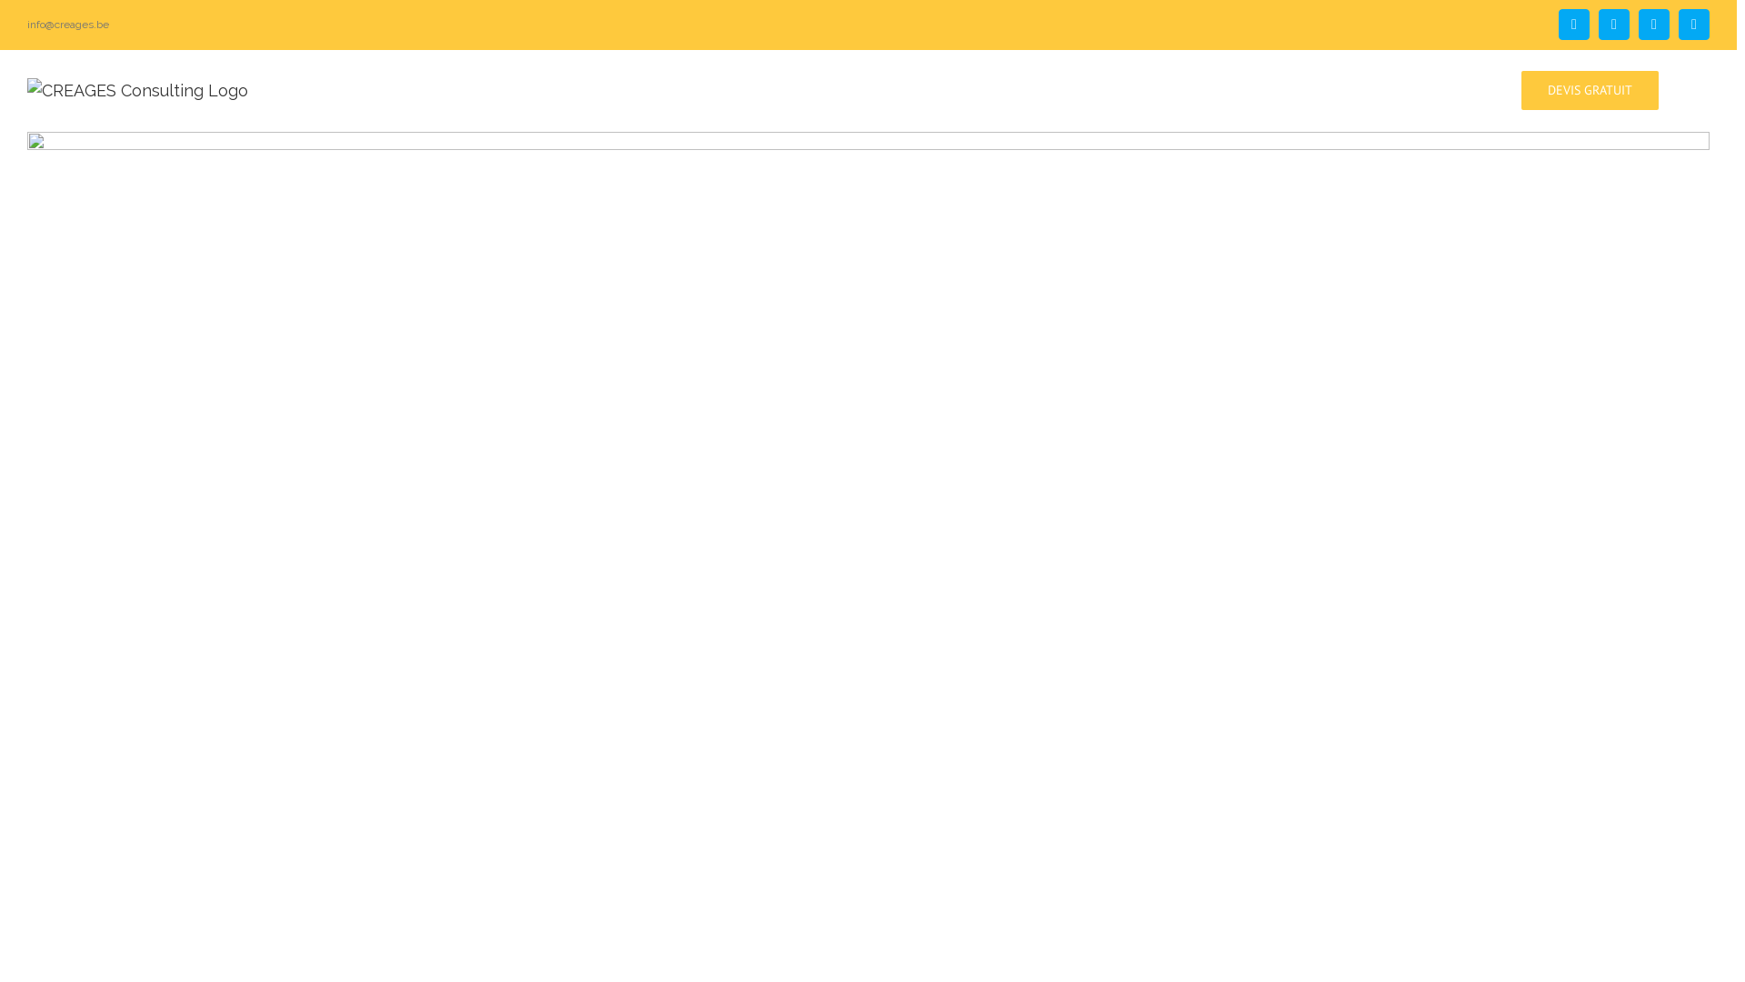 Image resolution: width=1745 pixels, height=982 pixels. What do you see at coordinates (843, 88) in the screenshot?
I see `'HOME'` at bounding box center [843, 88].